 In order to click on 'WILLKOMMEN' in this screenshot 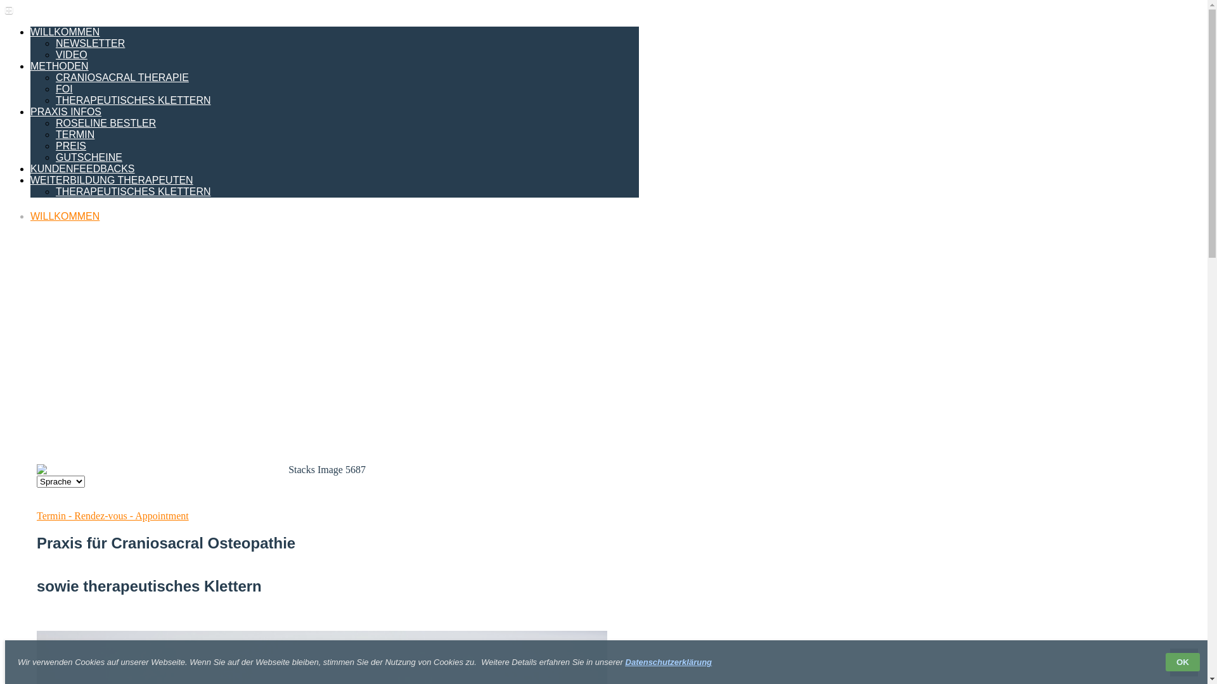, I will do `click(64, 215)`.